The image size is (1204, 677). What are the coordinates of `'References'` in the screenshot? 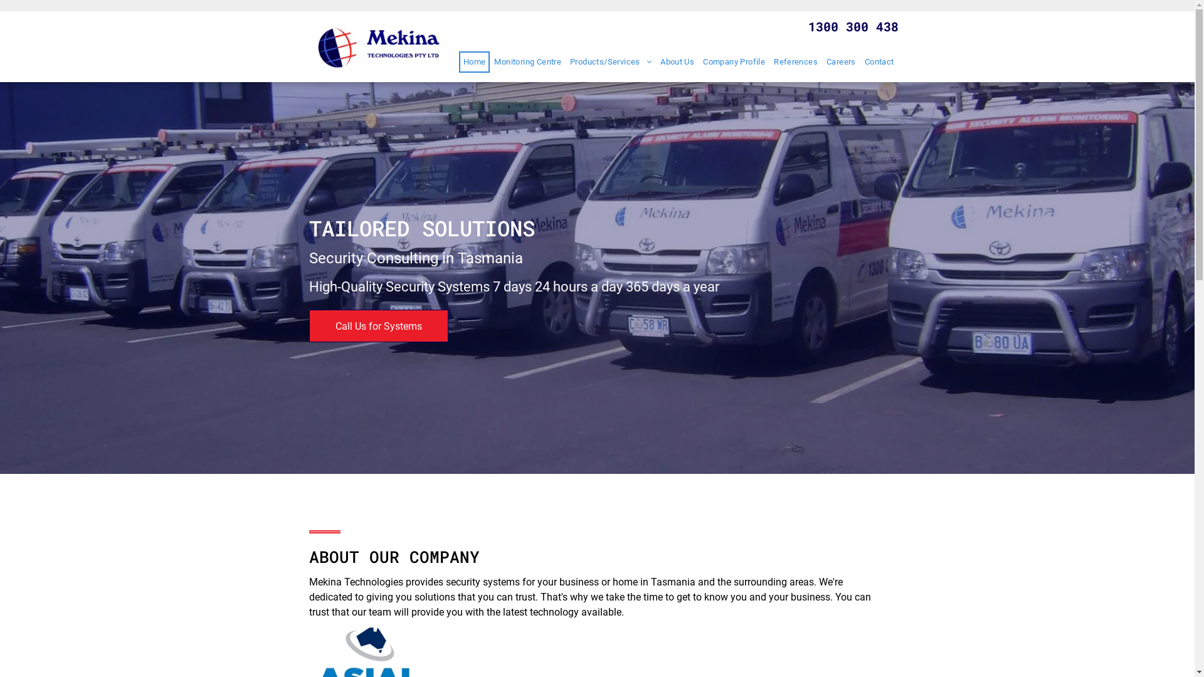 It's located at (795, 62).